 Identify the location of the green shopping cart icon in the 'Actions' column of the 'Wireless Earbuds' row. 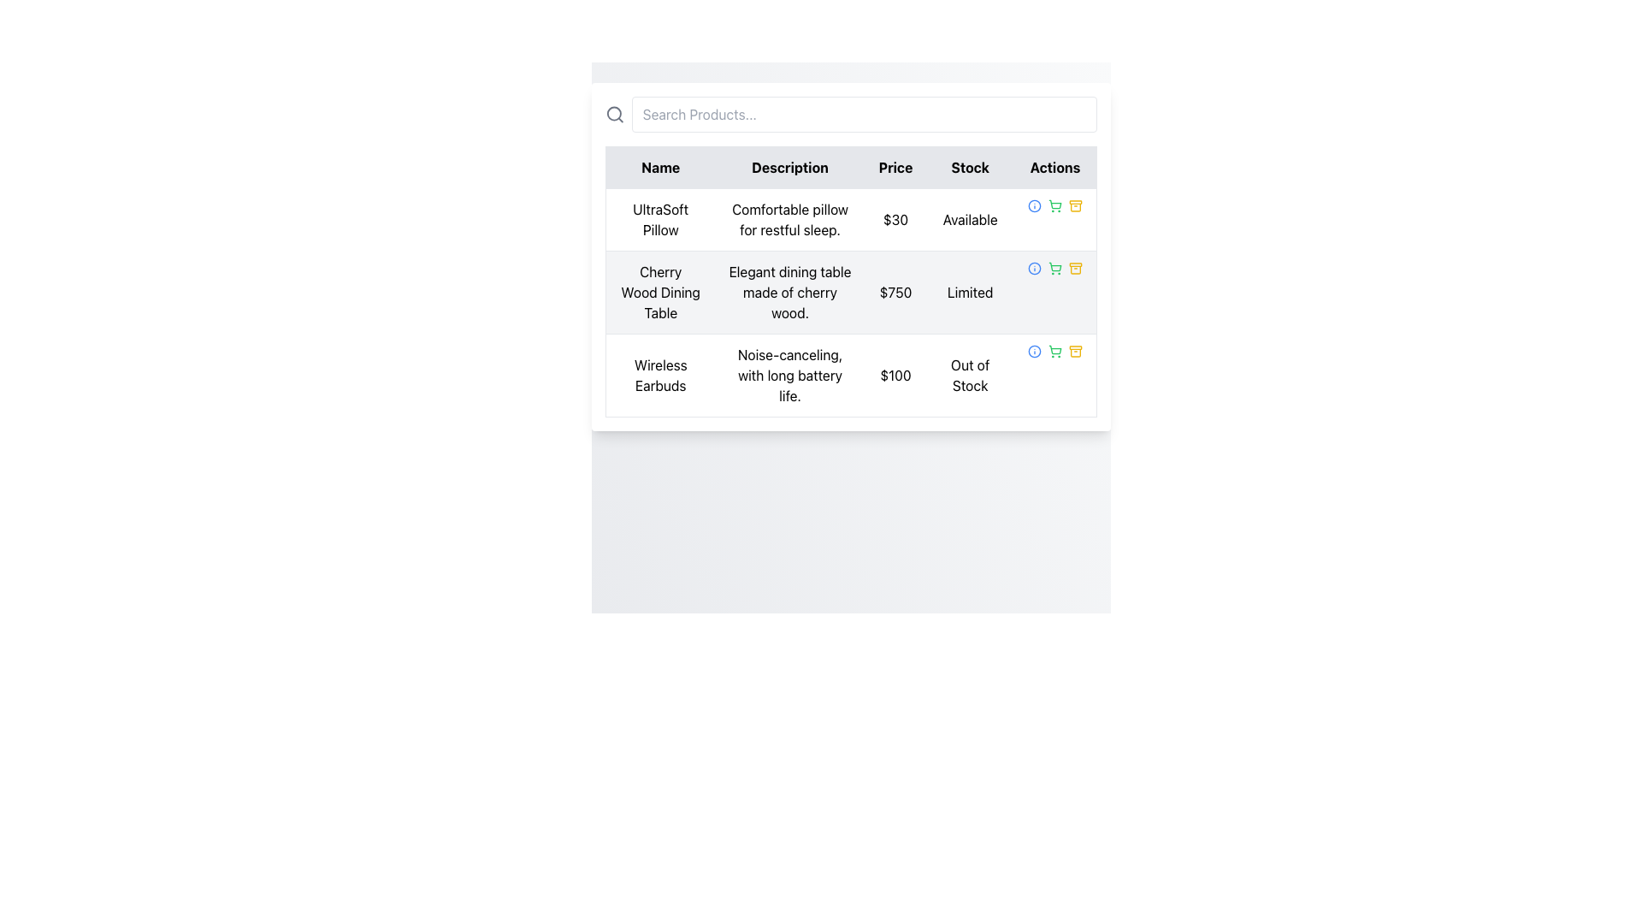
(1054, 351).